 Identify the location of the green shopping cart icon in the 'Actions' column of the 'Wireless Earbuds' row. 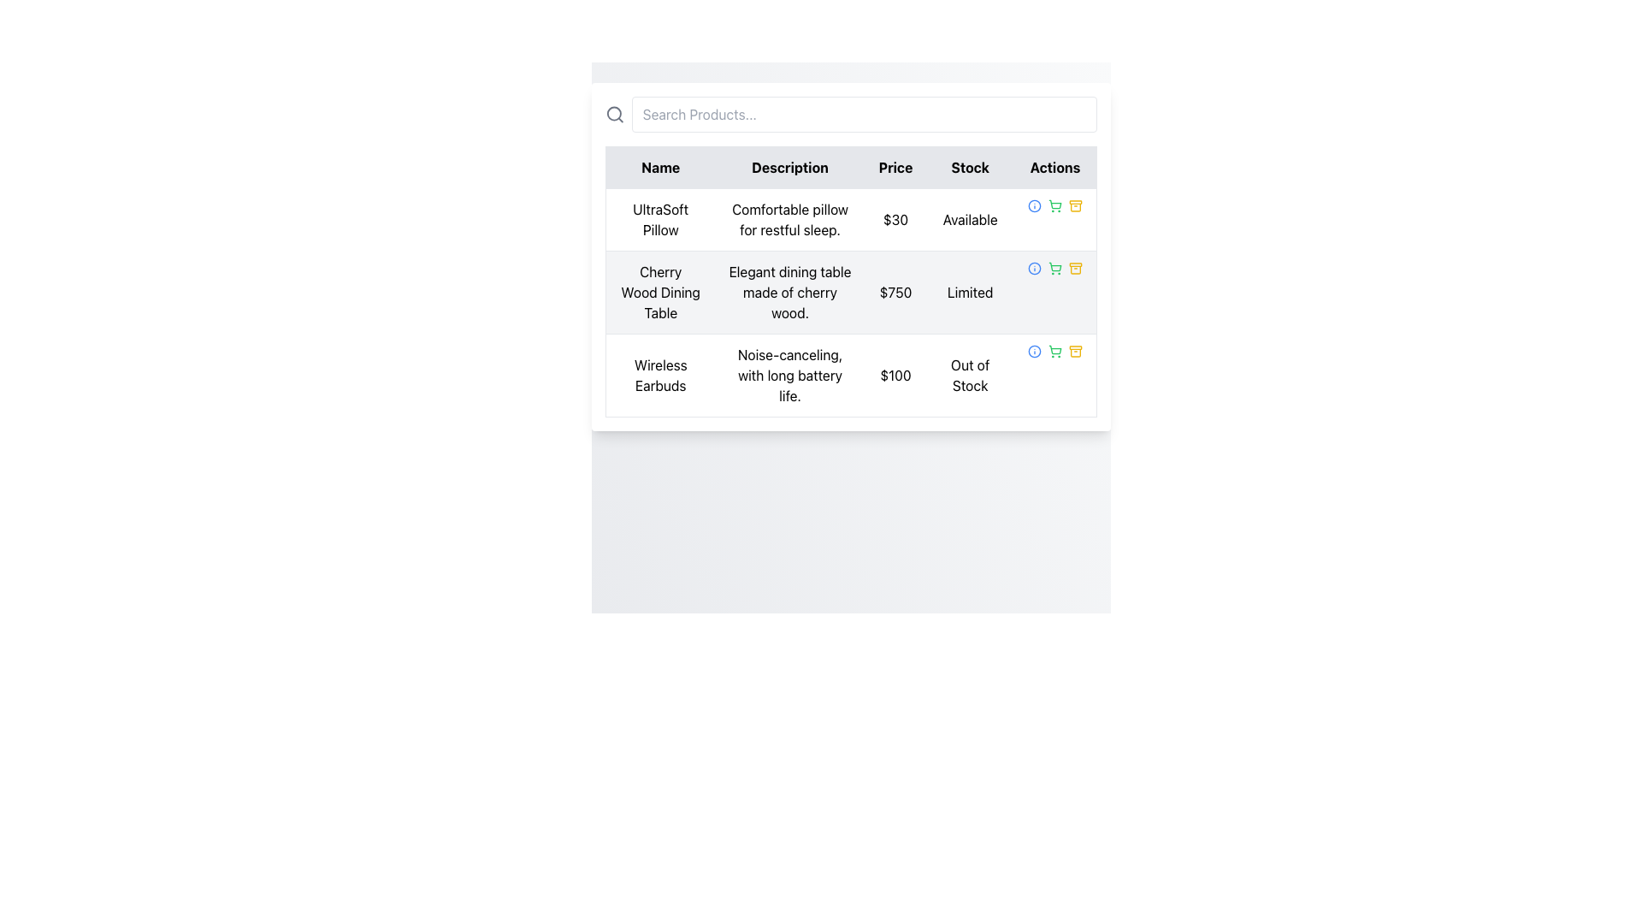
(1054, 351).